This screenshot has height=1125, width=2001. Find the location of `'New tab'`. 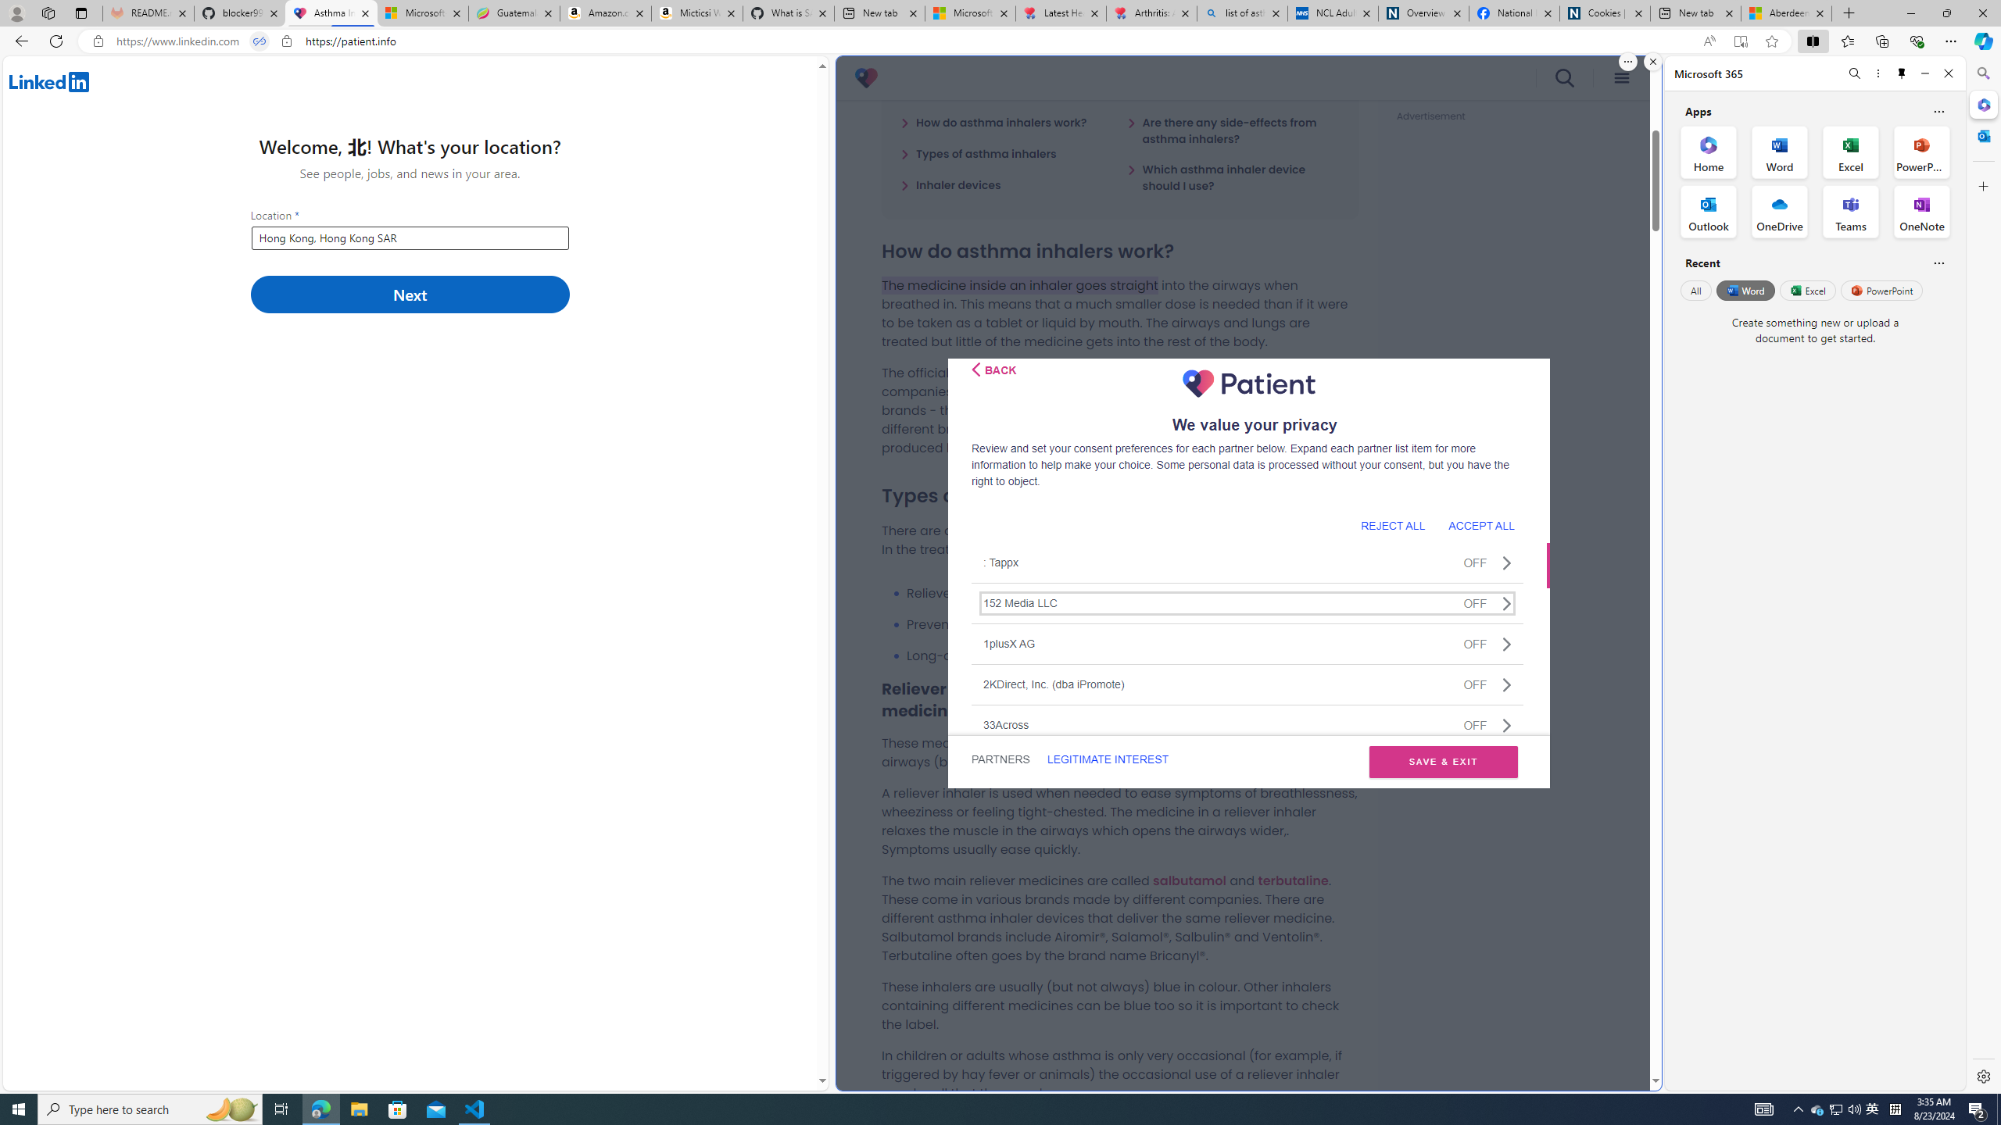

'New tab' is located at coordinates (1695, 12).